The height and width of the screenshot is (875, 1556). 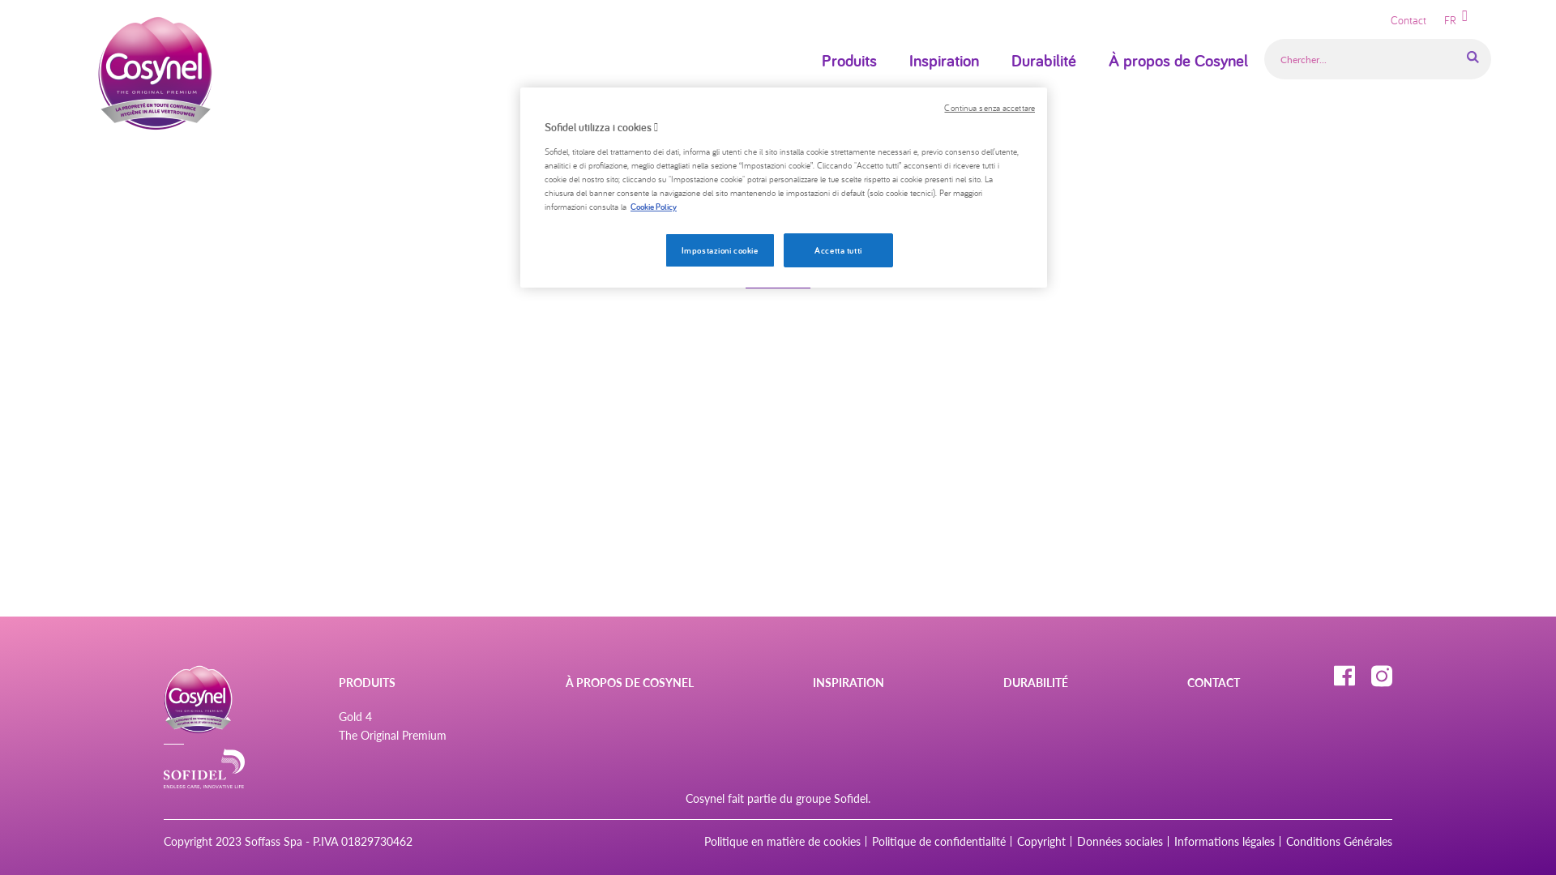 What do you see at coordinates (392, 735) in the screenshot?
I see `'The Original Premium'` at bounding box center [392, 735].